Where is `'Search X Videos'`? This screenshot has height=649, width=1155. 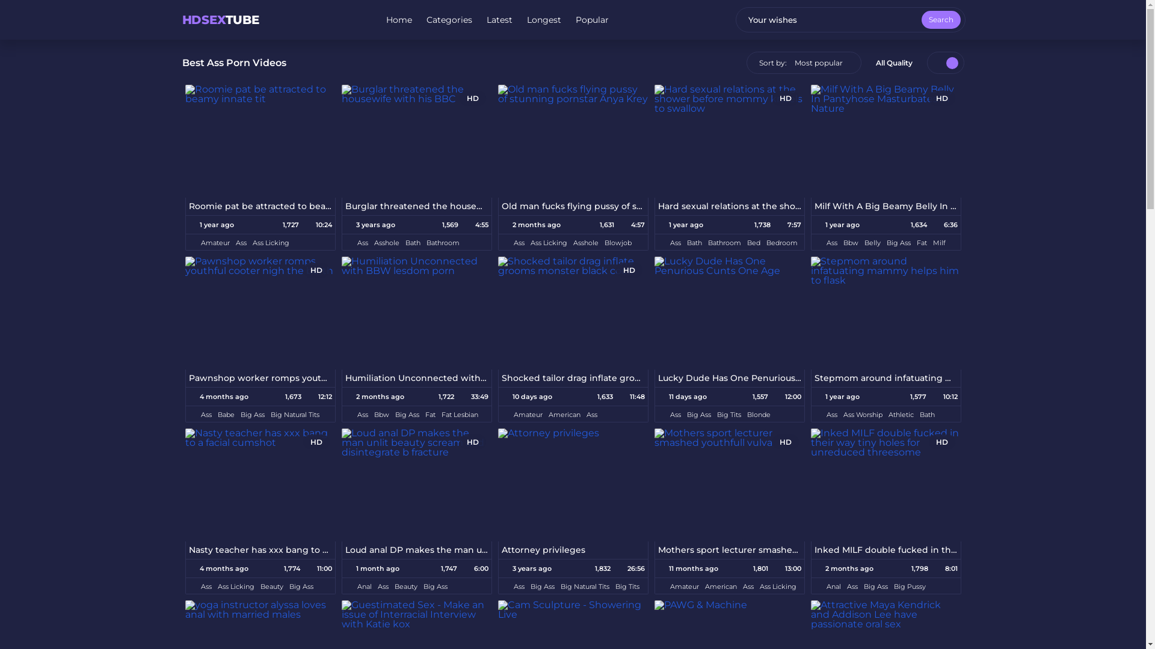 'Search X Videos' is located at coordinates (849, 20).